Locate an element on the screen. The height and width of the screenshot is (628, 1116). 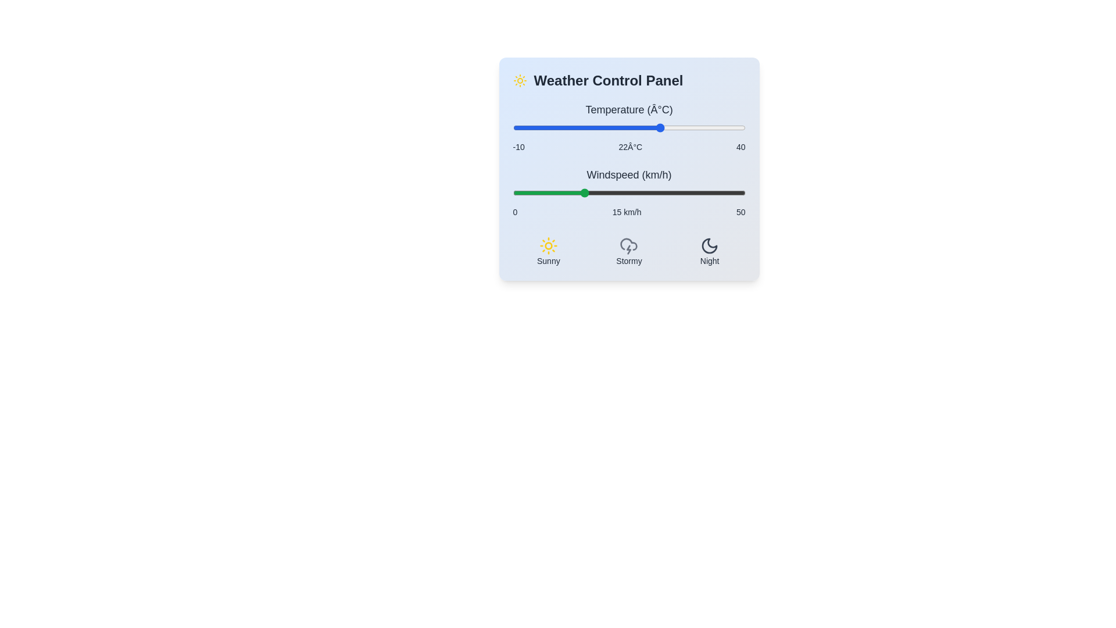
the static text element displaying '15 km/h', which is located within a control panel interface resembling a wind speed indicator, positioned between the numeric values '0' and '50' on a horizontal axis is located at coordinates (626, 212).